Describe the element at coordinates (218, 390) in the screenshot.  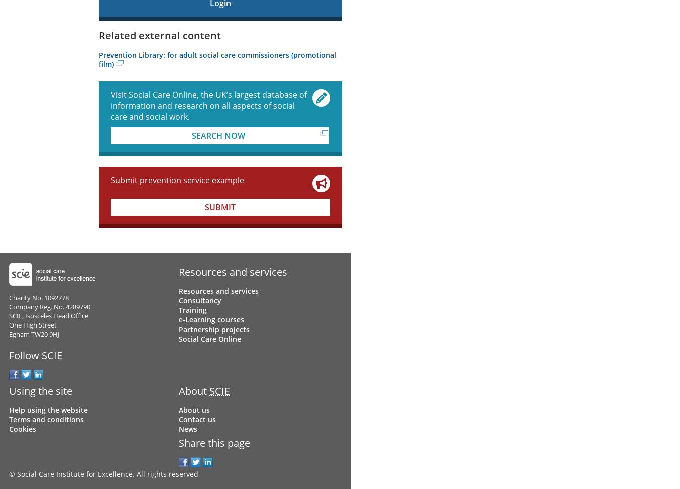
I see `'SCIE'` at that location.